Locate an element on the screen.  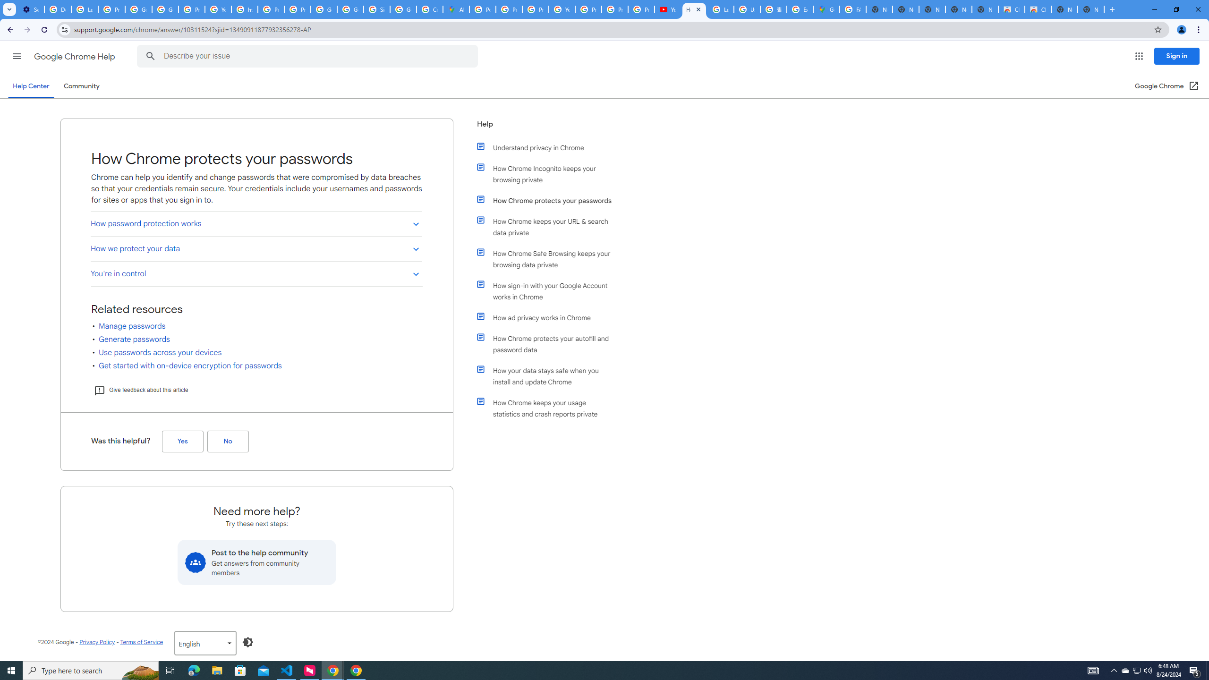
'Explore new street-level details - Google Maps Help' is located at coordinates (799, 9).